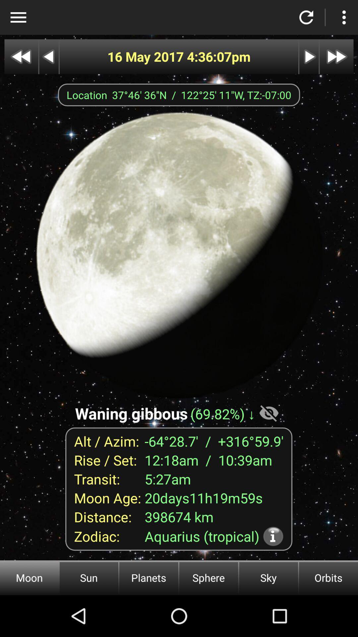  What do you see at coordinates (21, 57) in the screenshot?
I see `the av_rewind icon` at bounding box center [21, 57].